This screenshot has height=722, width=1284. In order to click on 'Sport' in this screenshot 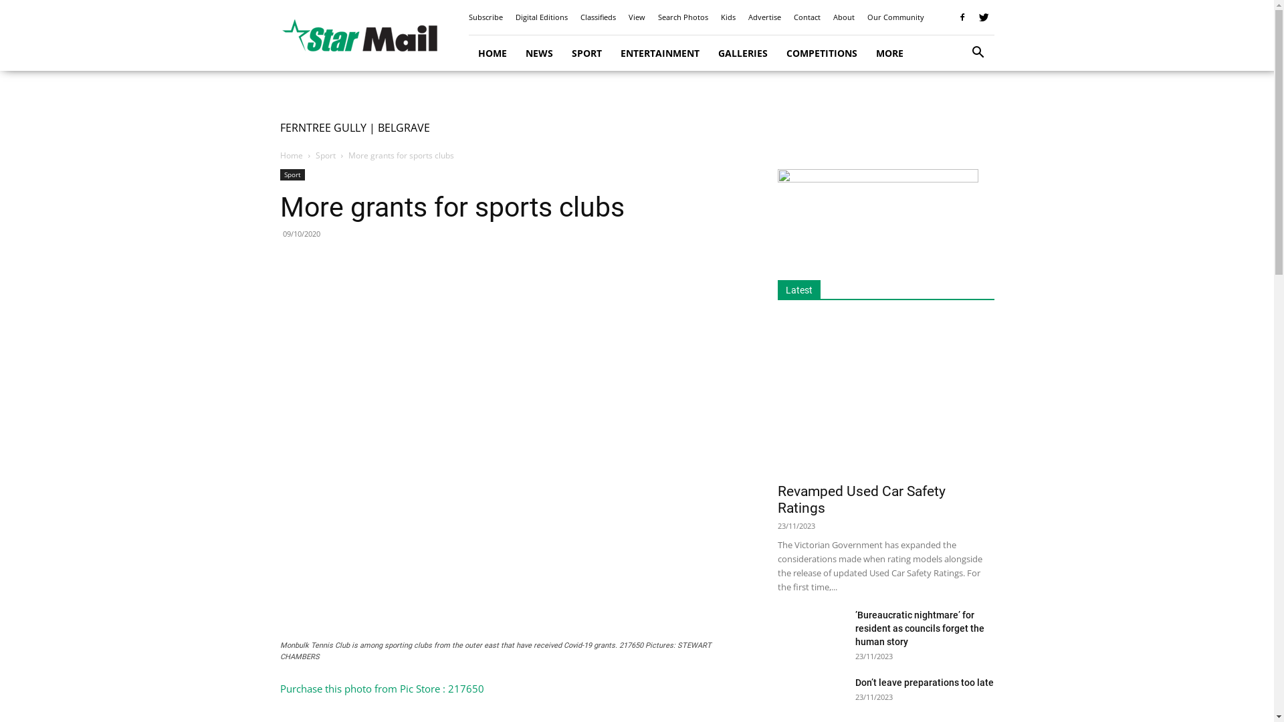, I will do `click(314, 154)`.